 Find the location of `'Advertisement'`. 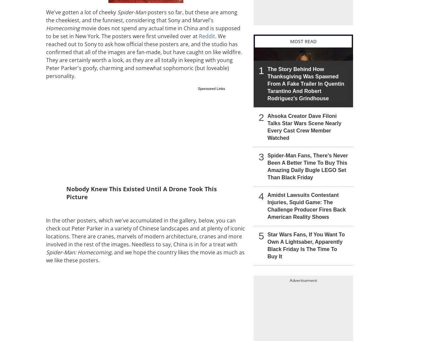

'Advertisement' is located at coordinates (303, 280).